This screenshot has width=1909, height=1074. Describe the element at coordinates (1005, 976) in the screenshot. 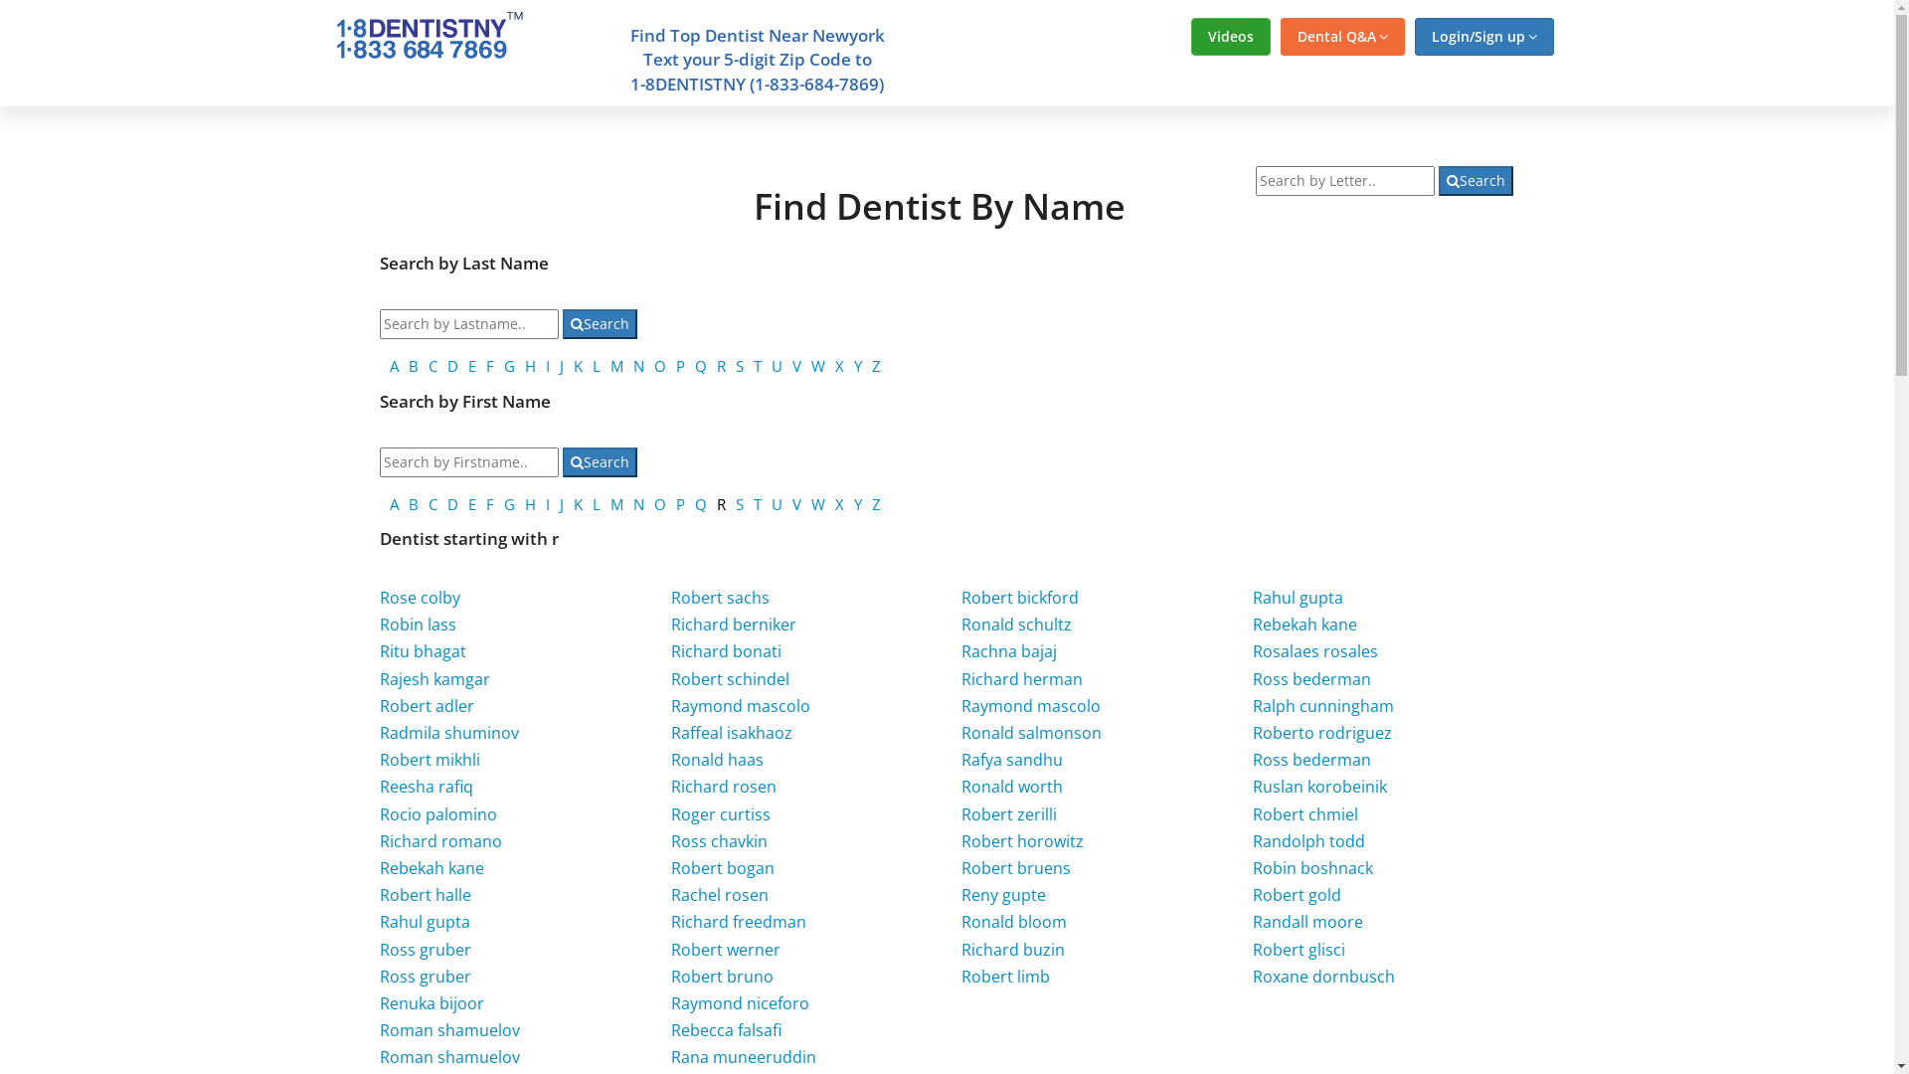

I see `'Robert limb'` at that location.